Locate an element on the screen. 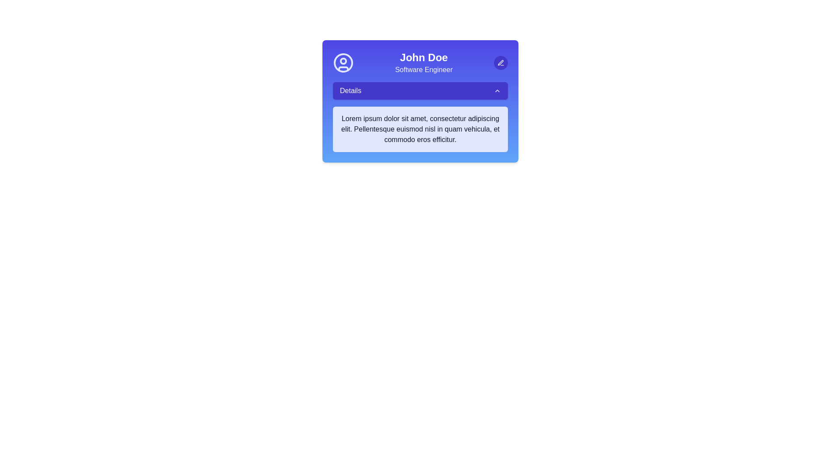 This screenshot has width=840, height=472. the lower section of the user's profile icon, which is part of a decorative curve in an SVG graphic located at the top-left corner of a card, to the left of the 'John Doe' text is located at coordinates (343, 68).